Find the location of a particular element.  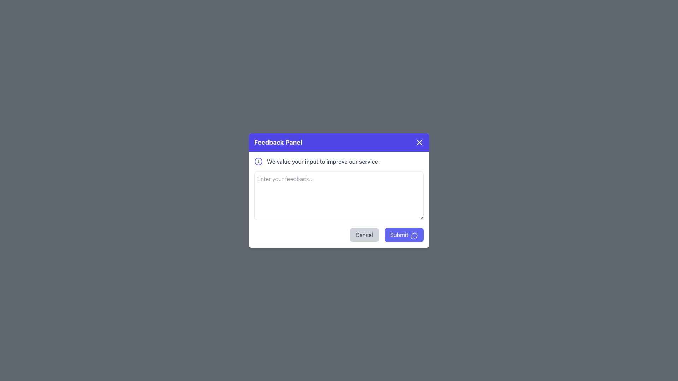

the circular message icon outlined in indigo, which is positioned on the right side of the 'Submit' button at the bottom-right of the feedback panel is located at coordinates (415, 235).